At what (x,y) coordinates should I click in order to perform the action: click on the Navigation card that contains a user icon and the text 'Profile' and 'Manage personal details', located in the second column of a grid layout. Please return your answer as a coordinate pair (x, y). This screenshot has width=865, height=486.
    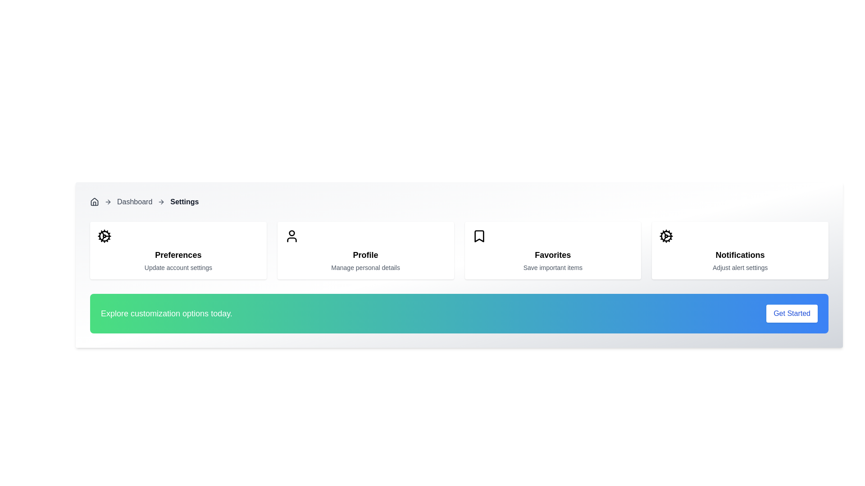
    Looking at the image, I should click on (365, 250).